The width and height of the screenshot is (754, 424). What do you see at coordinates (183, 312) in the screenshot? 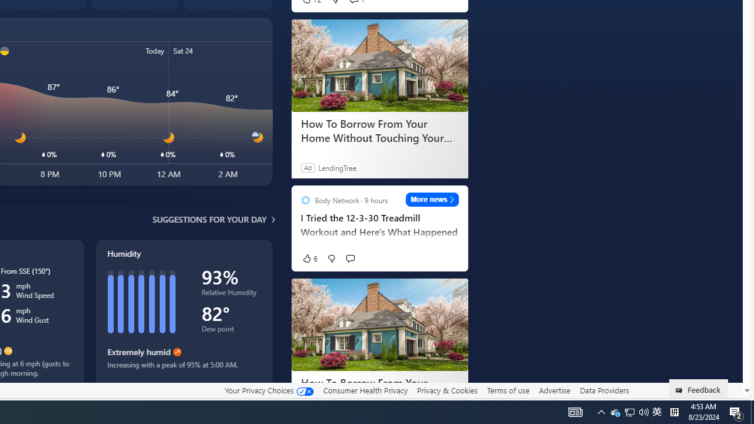
I see `'Humidity'` at bounding box center [183, 312].